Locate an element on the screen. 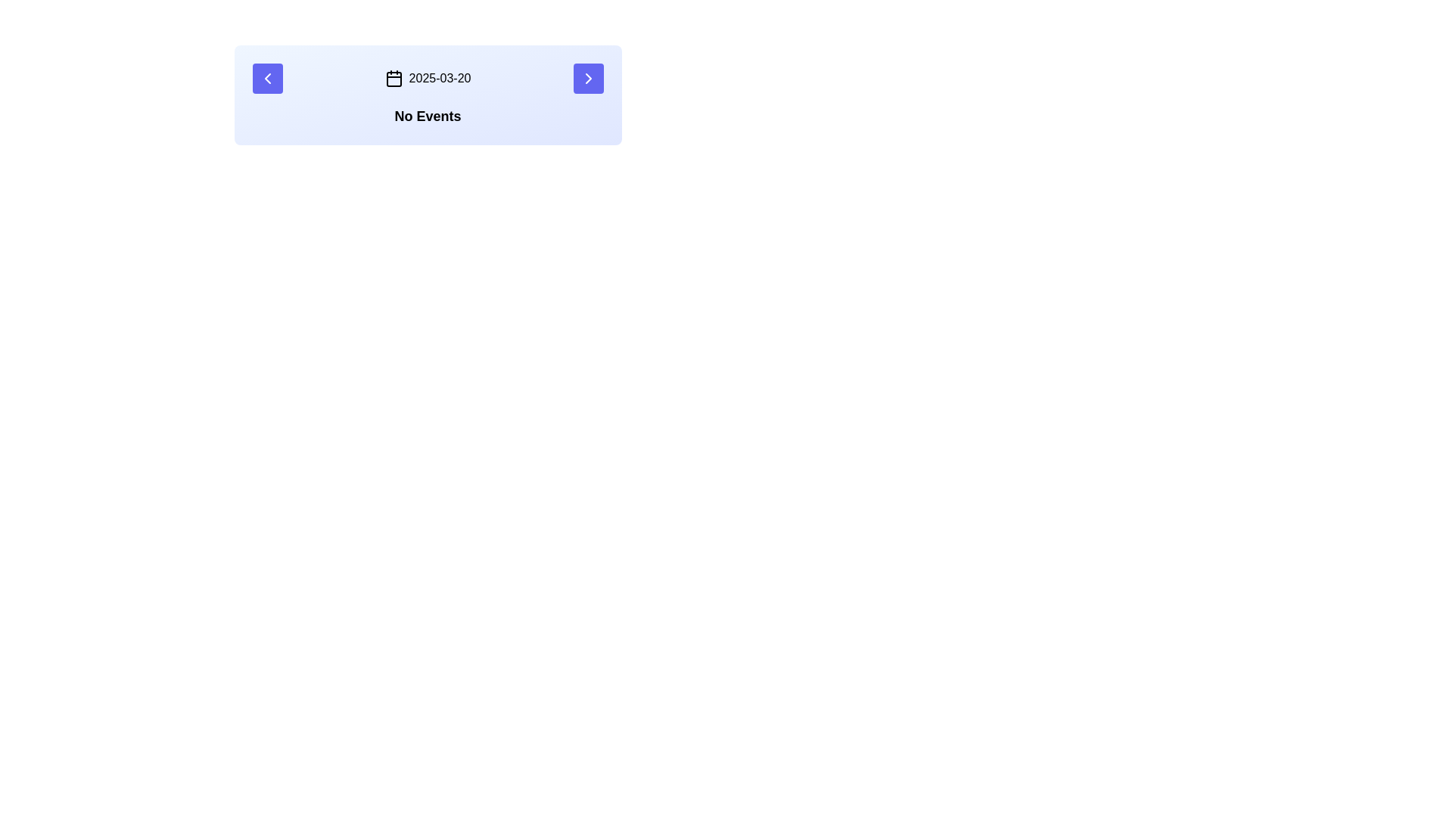 Image resolution: width=1453 pixels, height=817 pixels. displayed date '2025-03-20' next to the calendar icon in the navigation bar is located at coordinates (427, 79).